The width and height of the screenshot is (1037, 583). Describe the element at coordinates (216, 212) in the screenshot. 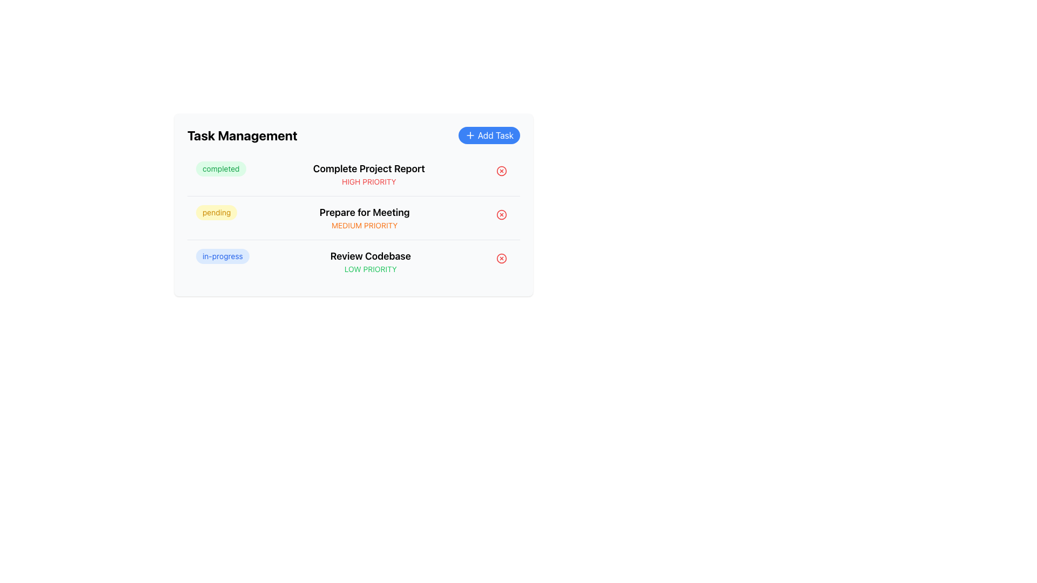

I see `text of the status indicator badge for the task 'Prepare for Meeting' which currently shows 'pending'` at that location.